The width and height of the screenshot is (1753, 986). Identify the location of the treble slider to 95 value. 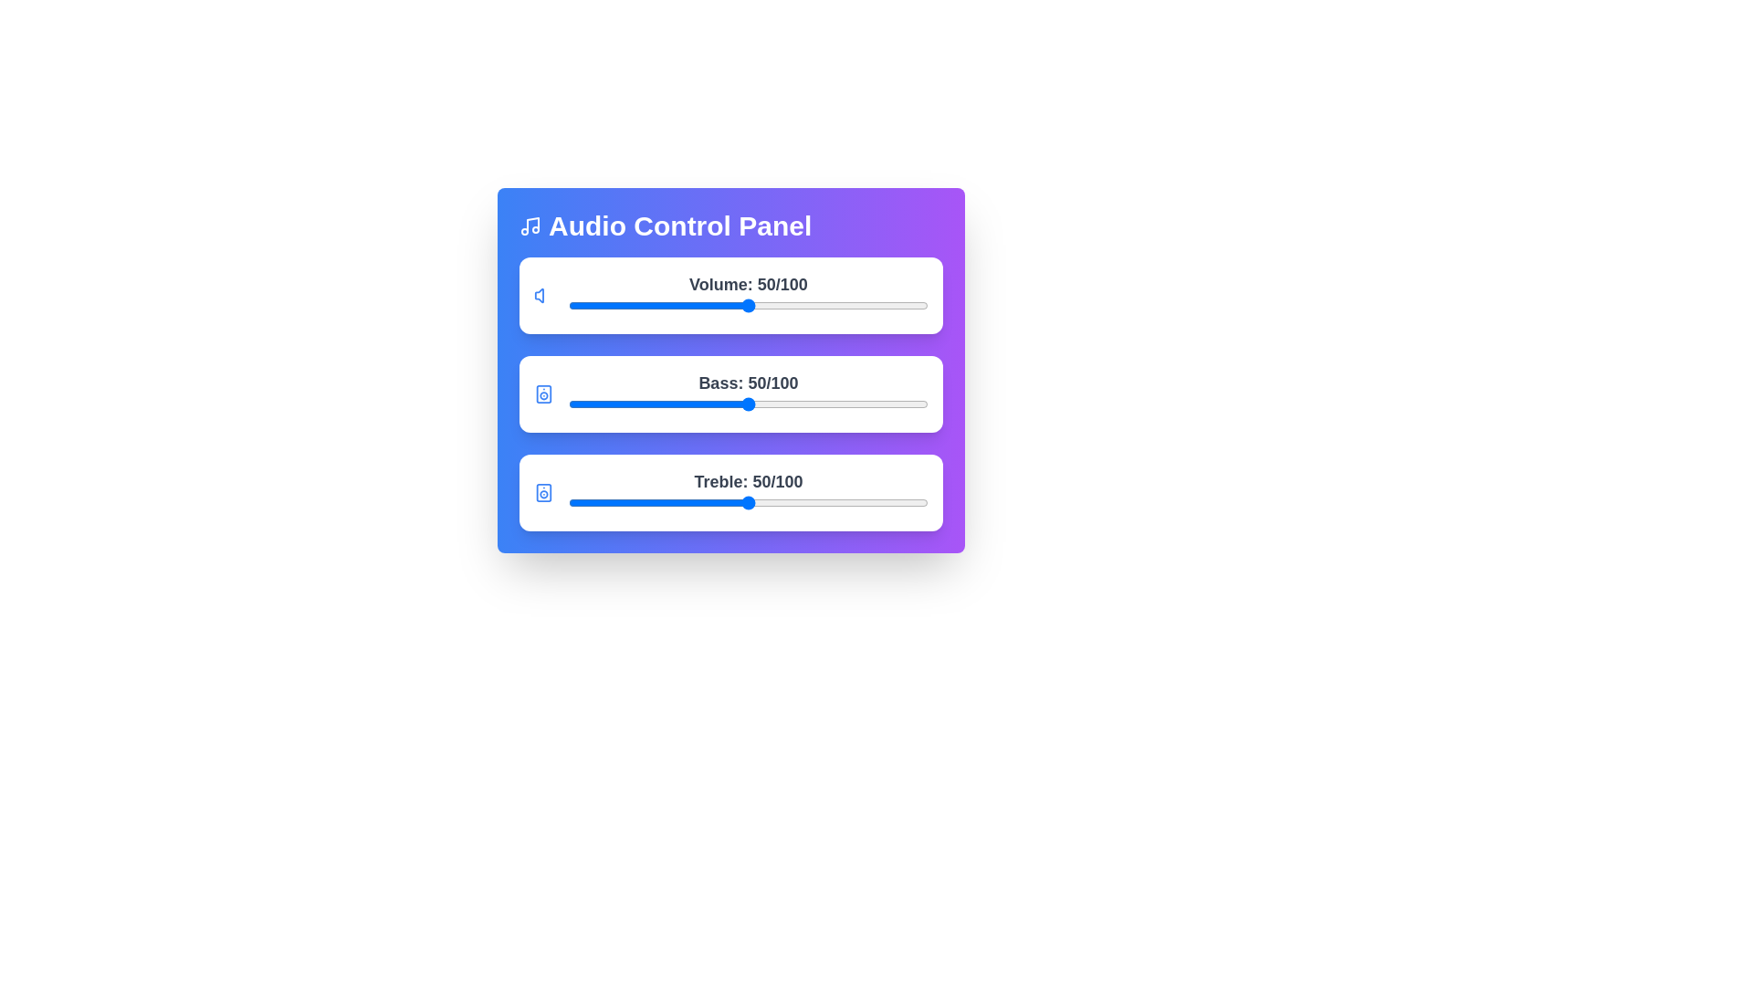
(910, 503).